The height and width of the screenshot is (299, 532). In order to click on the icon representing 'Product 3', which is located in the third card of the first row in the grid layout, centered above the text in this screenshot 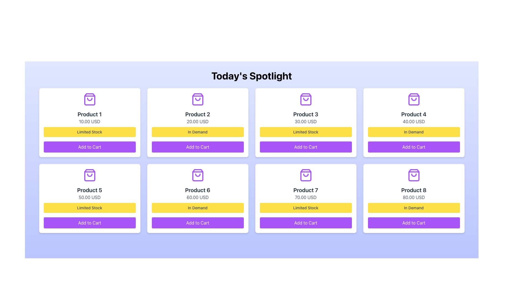, I will do `click(305, 99)`.